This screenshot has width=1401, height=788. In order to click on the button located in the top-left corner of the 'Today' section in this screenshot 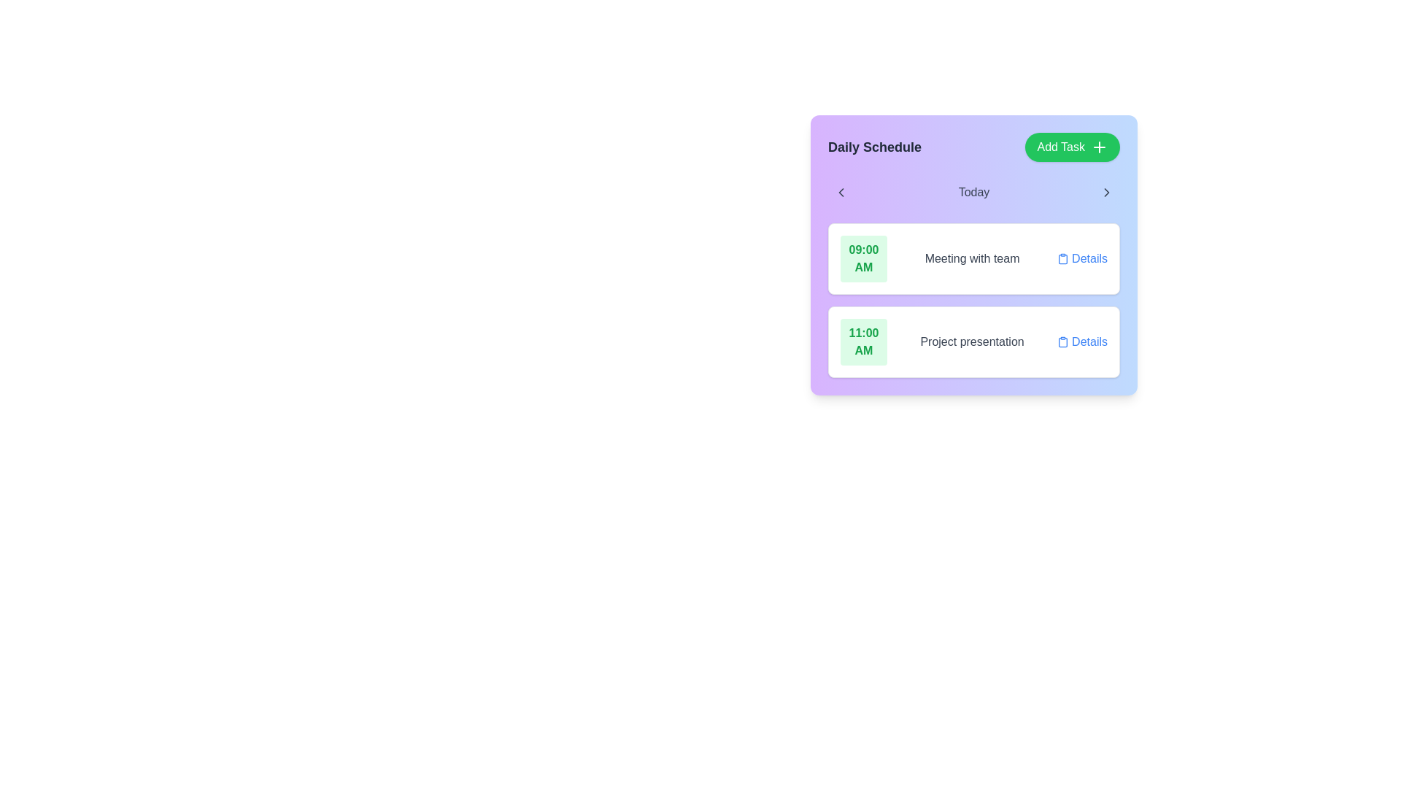, I will do `click(841, 191)`.